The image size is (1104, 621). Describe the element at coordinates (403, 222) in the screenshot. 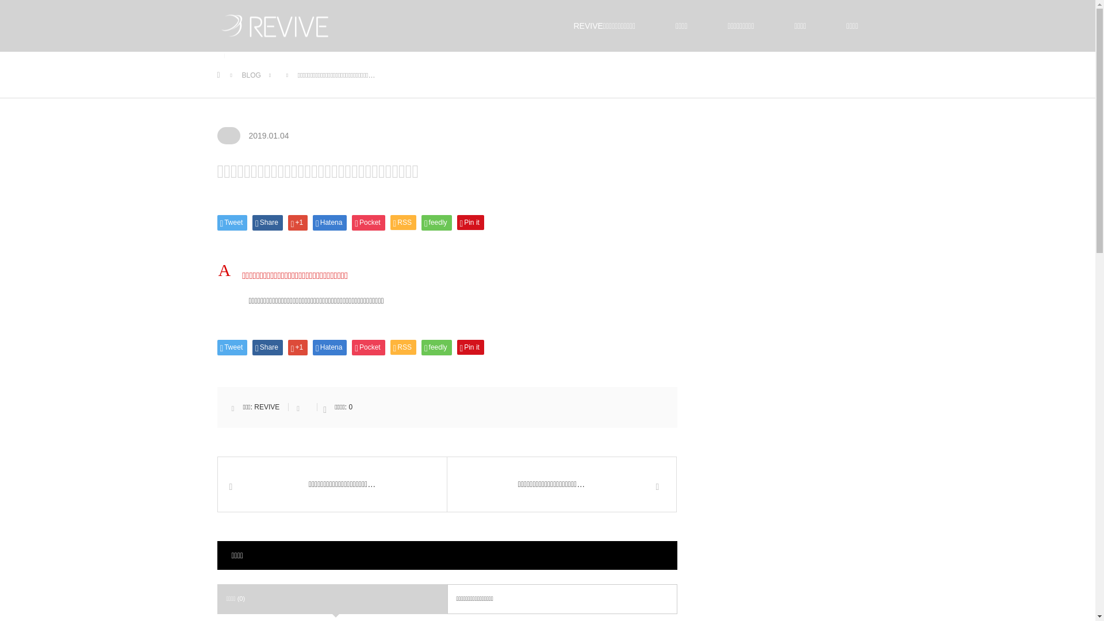

I see `'RSS'` at that location.